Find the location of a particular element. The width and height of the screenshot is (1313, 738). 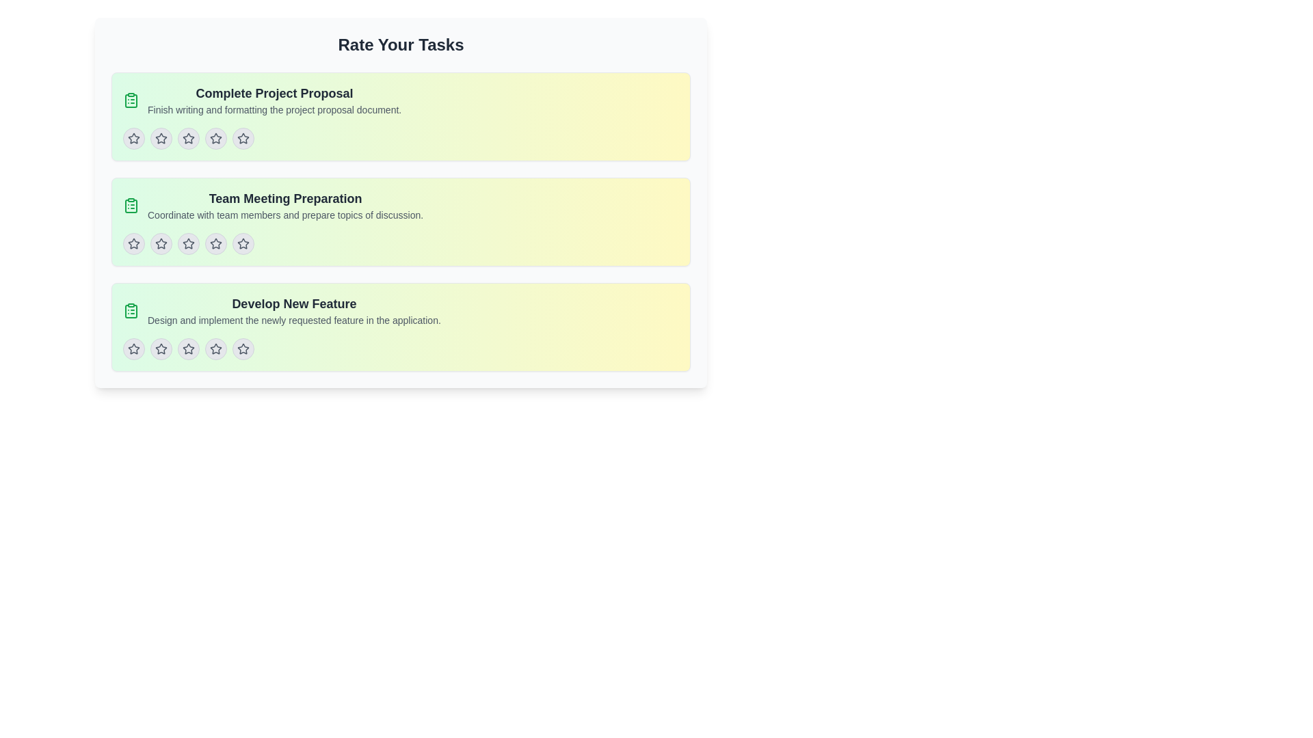

the task section titled 'Team Meeting Preparation' for additional details or actions related to the task is located at coordinates (400, 205).